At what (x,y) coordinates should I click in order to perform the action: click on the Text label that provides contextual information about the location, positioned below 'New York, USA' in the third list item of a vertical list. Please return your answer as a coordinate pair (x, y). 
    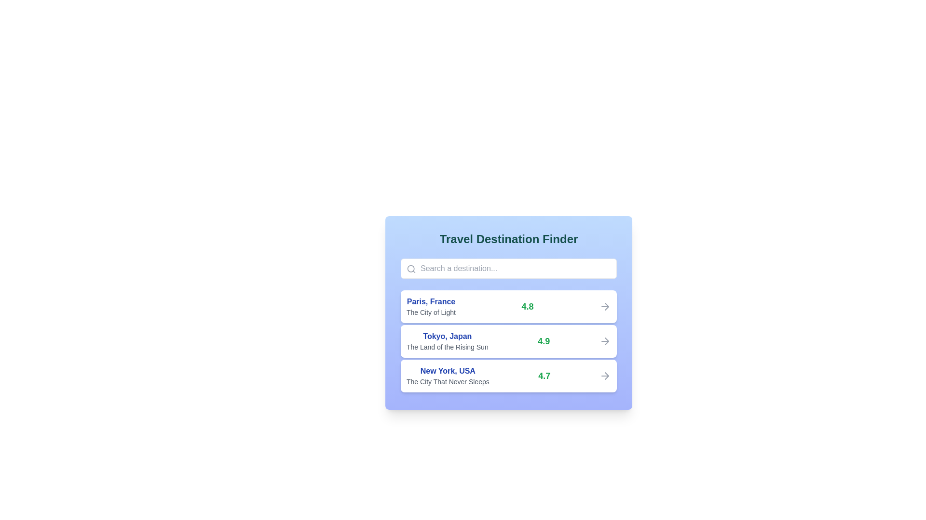
    Looking at the image, I should click on (447, 381).